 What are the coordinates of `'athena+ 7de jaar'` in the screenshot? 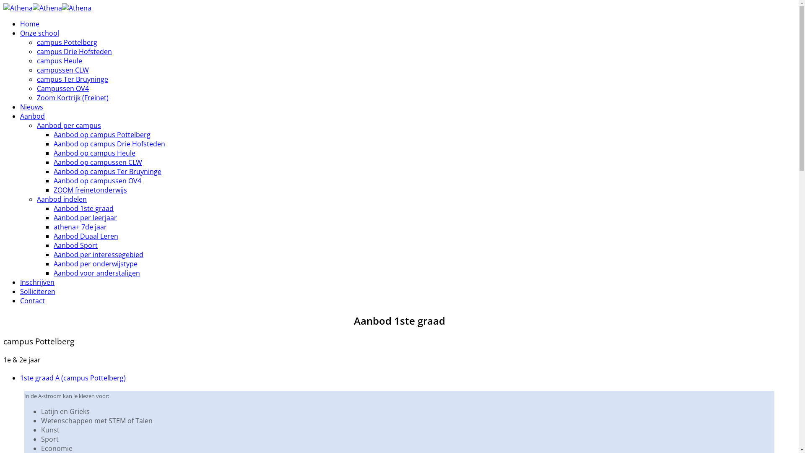 It's located at (53, 226).